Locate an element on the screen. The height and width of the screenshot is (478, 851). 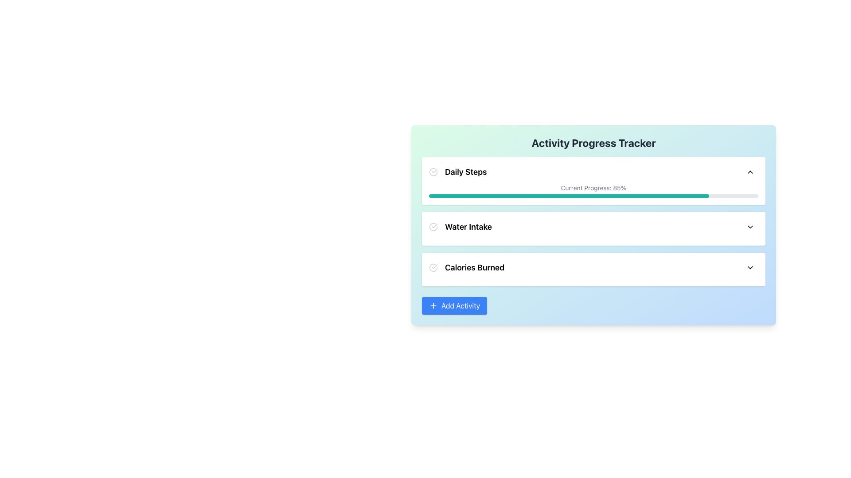
the 'Calories Burned' labeled text with icon element, which is styled with a bold font and includes an icon on the left, located in the middle section of the activity list is located at coordinates (466, 267).